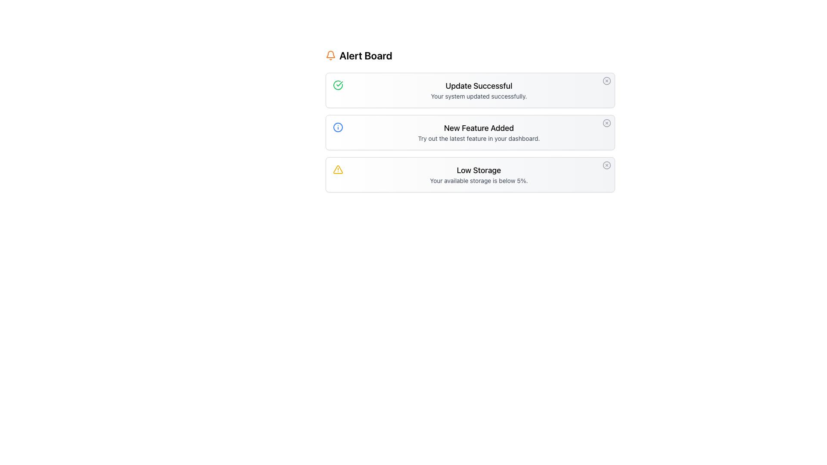  What do you see at coordinates (479, 174) in the screenshot?
I see `Textual Notification about low storage availability, which is the third alert in the 'Alert Board' section, positioned between the 'New Feature Added' alert and the bottom margin` at bounding box center [479, 174].